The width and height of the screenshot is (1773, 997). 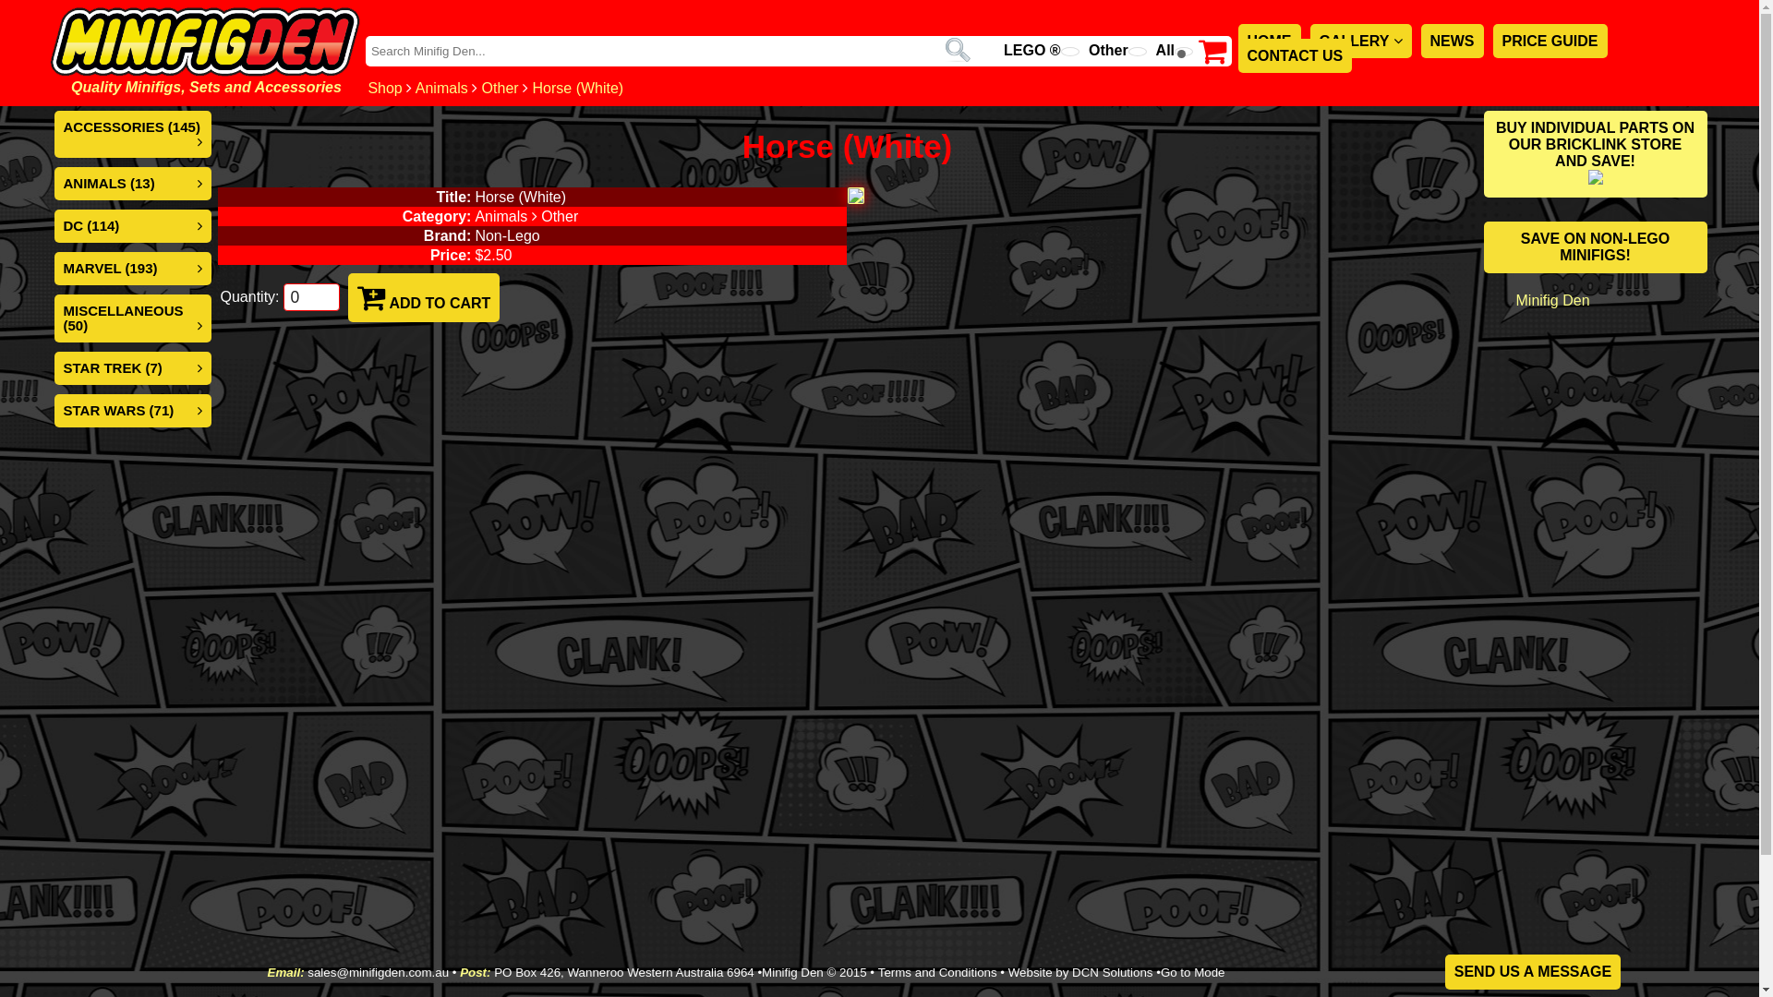 I want to click on 'MISCELLANEOUS (50)', so click(x=122, y=317).